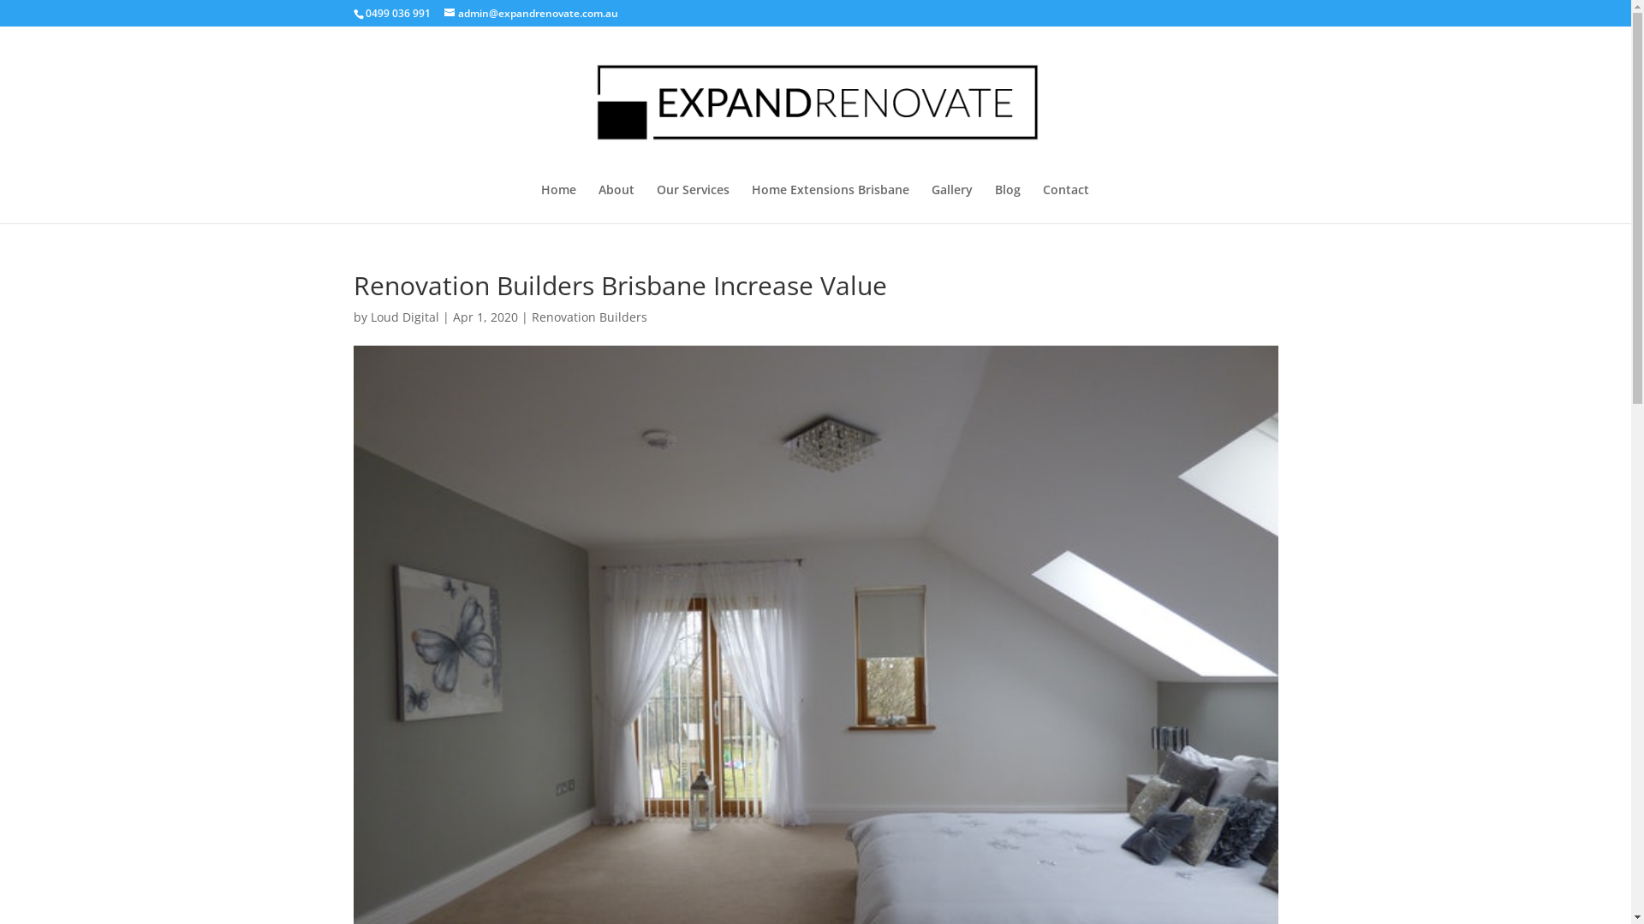 Image resolution: width=1644 pixels, height=924 pixels. I want to click on 'Gallery', so click(951, 203).